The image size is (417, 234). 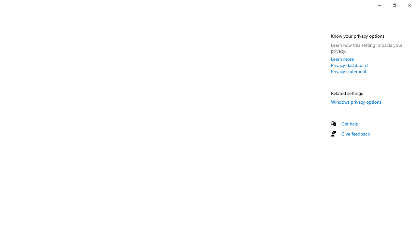 What do you see at coordinates (356, 102) in the screenshot?
I see `'Windows privacy options'` at bounding box center [356, 102].